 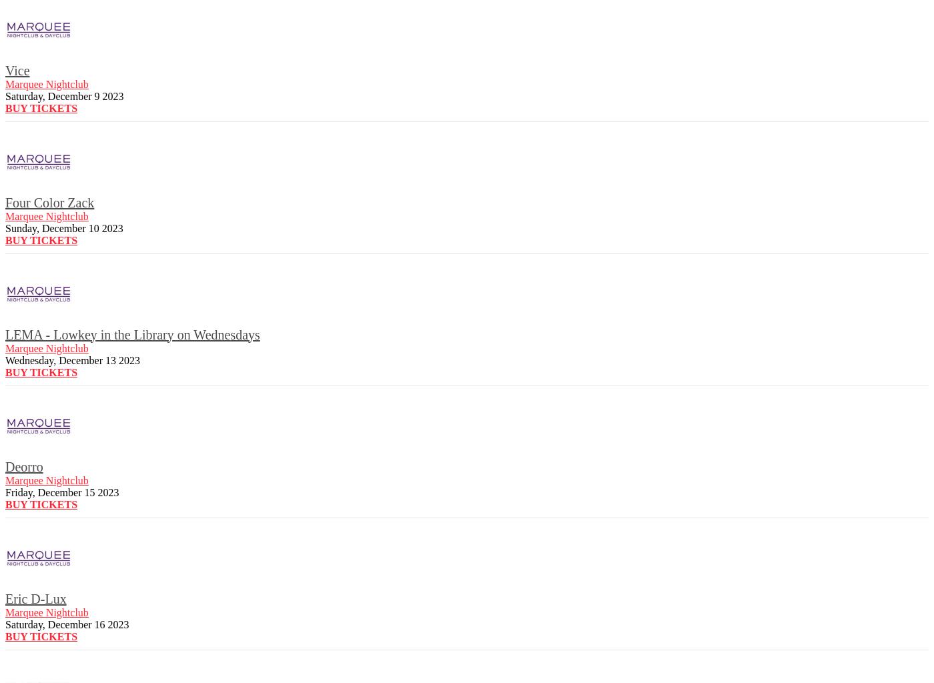 I want to click on 'Wednesday, December 13 2023', so click(x=73, y=360).